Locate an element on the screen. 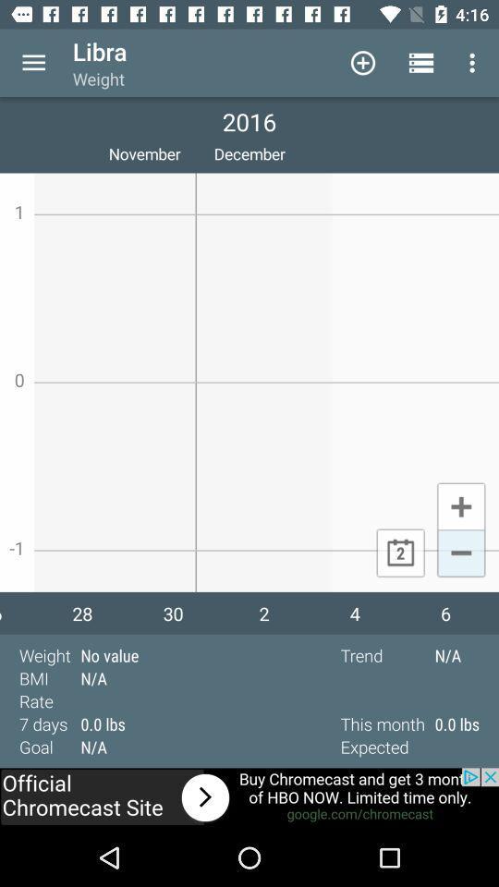 The image size is (499, 887). get menu options is located at coordinates (33, 63).